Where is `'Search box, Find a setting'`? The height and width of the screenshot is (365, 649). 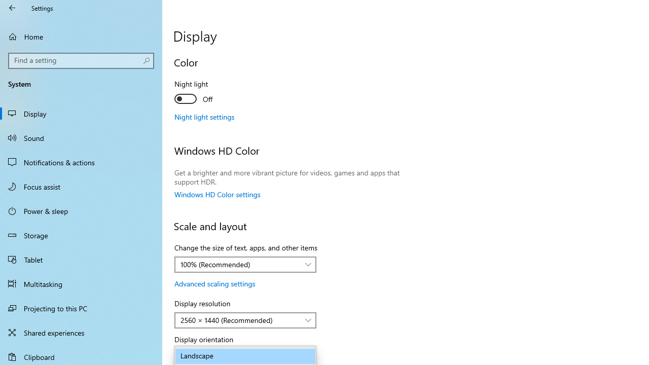
'Search box, Find a setting' is located at coordinates (81, 60).